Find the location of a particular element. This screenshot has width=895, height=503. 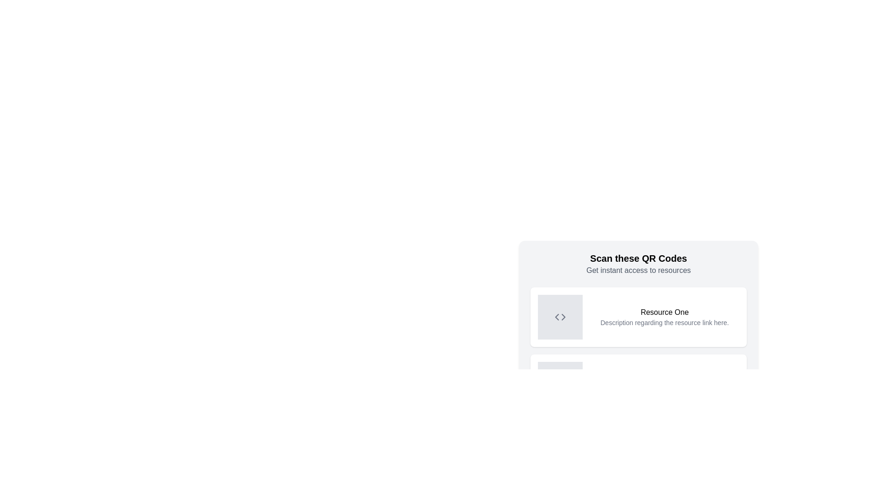

non-interactive Text label that displays 'Description regarding the resource link here.' located below the 'Resource One' text in the card-like layout is located at coordinates (664, 322).